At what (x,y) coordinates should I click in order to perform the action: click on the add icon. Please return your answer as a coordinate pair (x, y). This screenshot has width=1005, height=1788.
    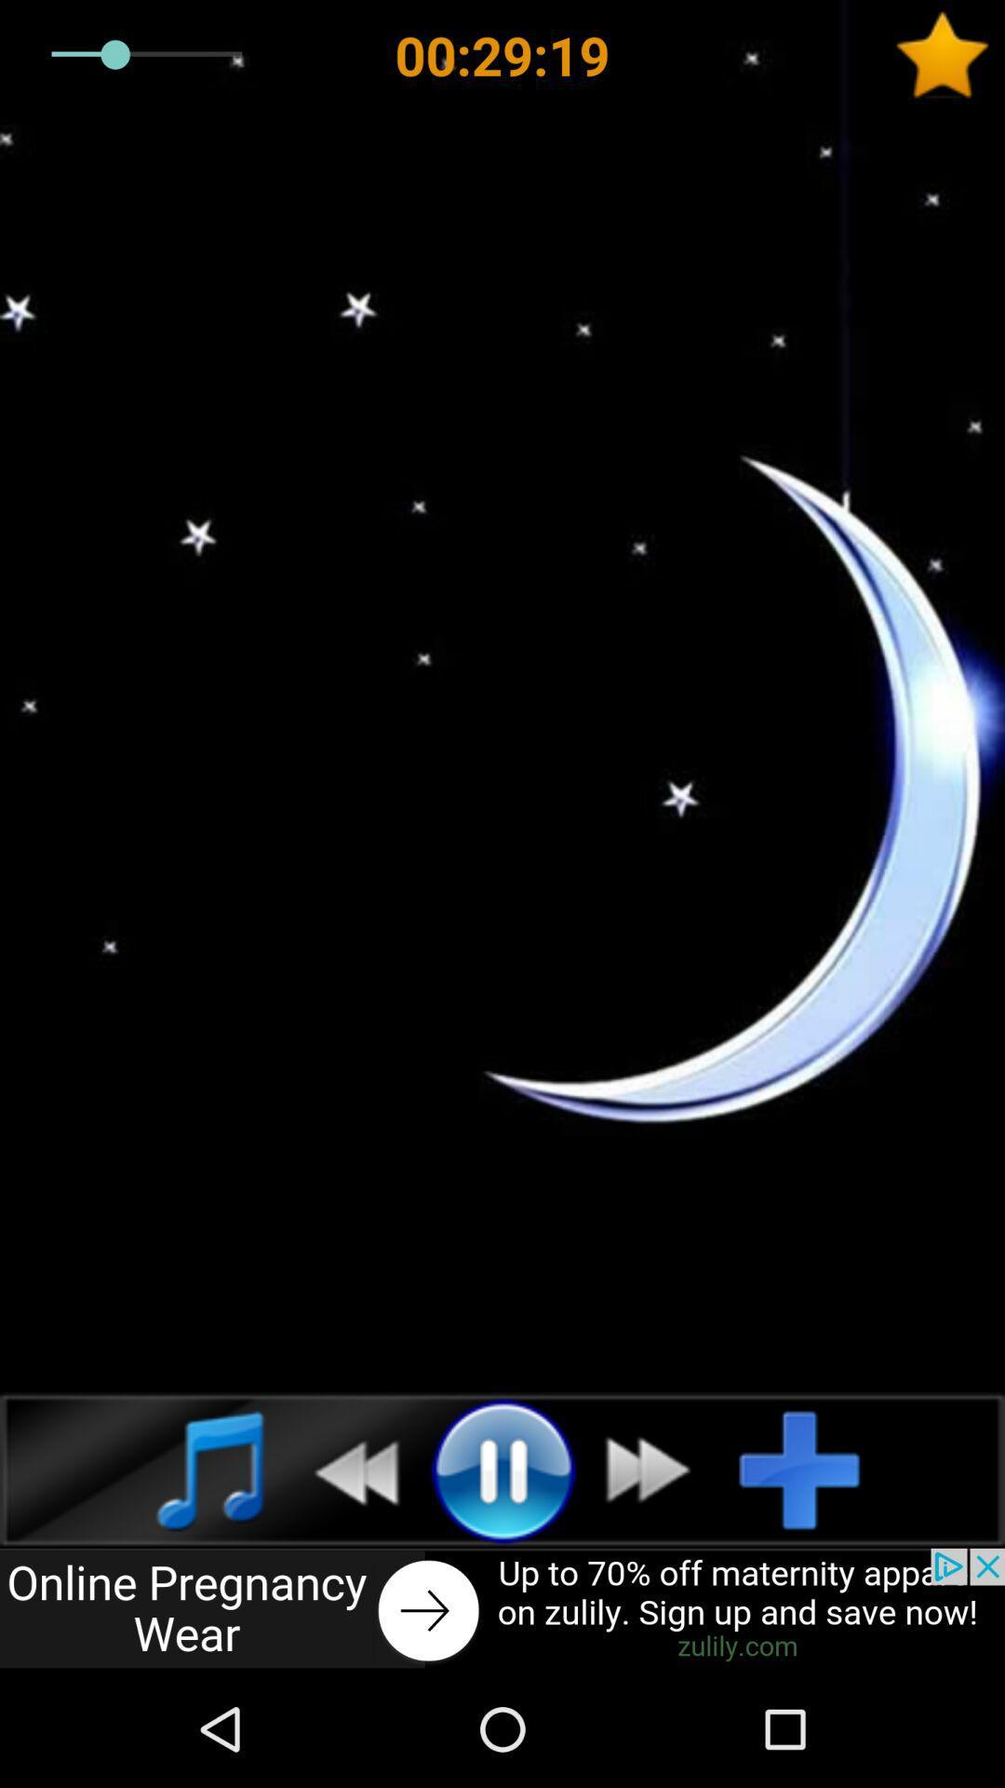
    Looking at the image, I should click on (813, 1469).